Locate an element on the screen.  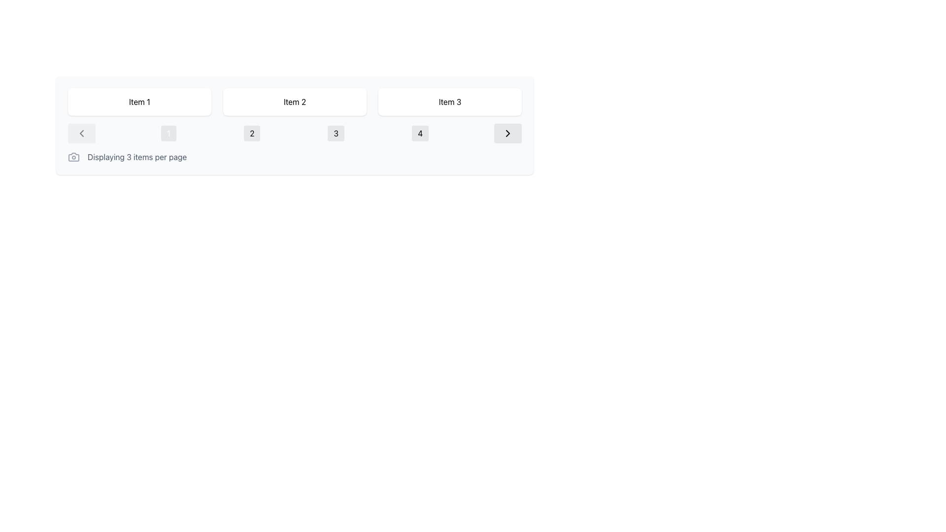
the left chevron icon is located at coordinates (82, 133).